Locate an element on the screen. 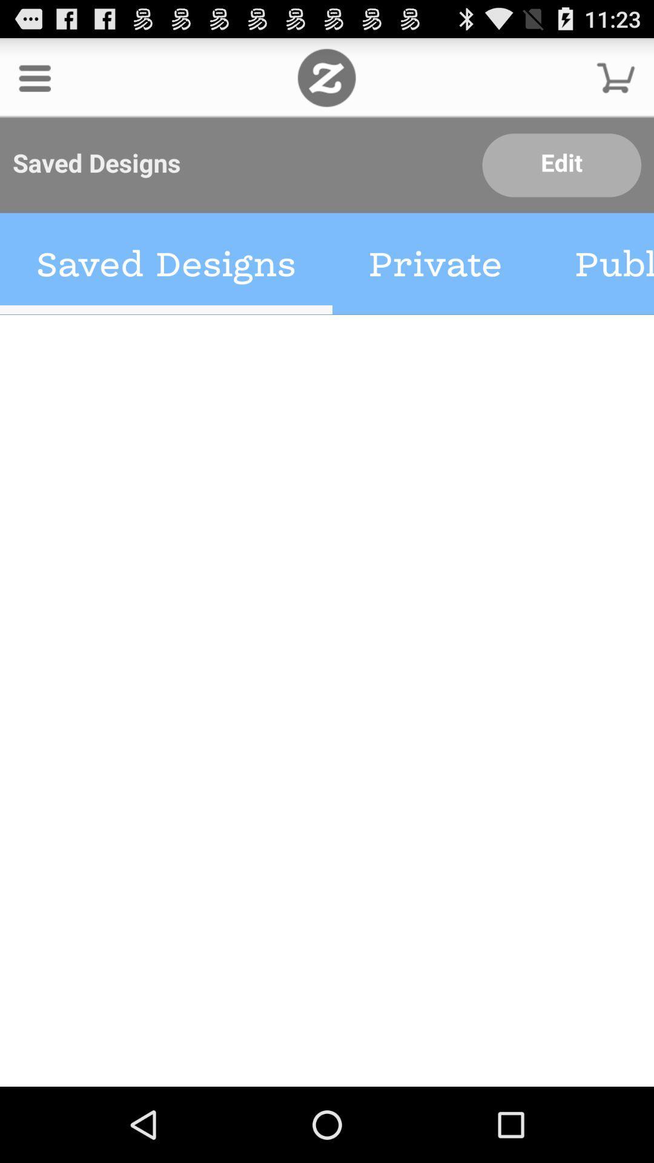  the cart icon is located at coordinates (616, 82).